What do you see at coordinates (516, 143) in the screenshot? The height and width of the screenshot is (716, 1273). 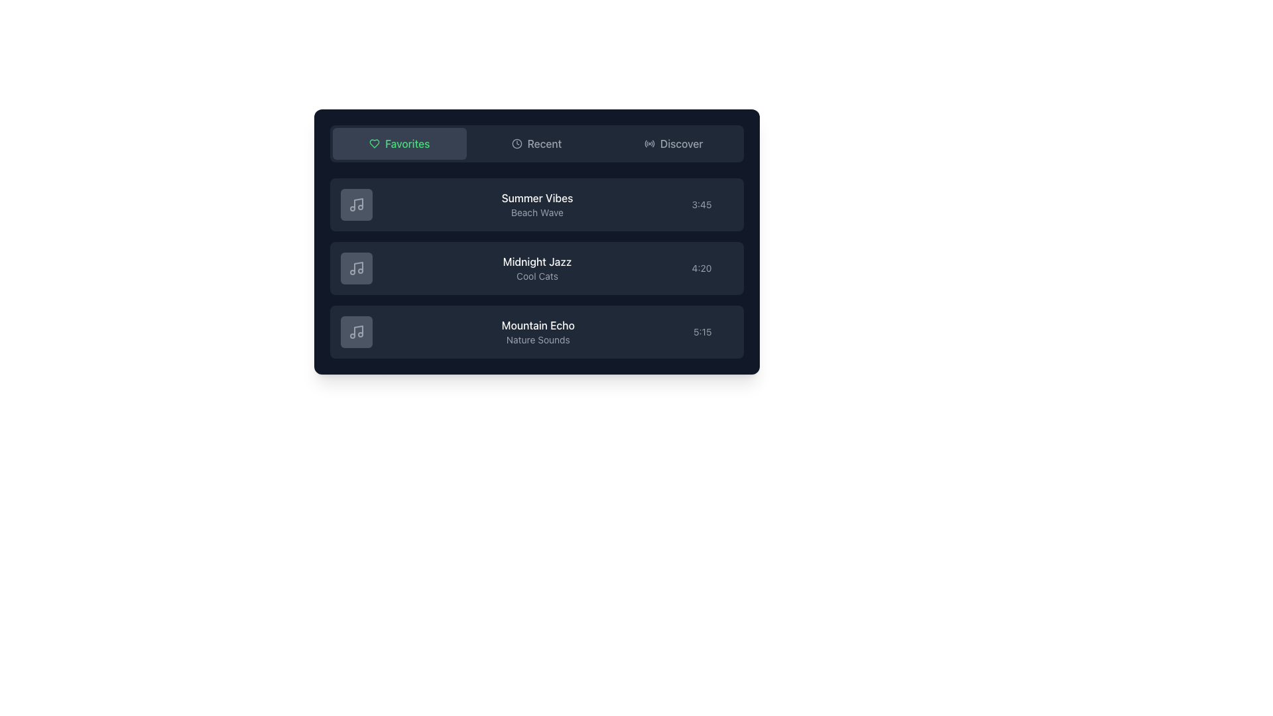 I see `the 'Recent' tab icon located centrally among the horizontal set of tabs for navigation` at bounding box center [516, 143].